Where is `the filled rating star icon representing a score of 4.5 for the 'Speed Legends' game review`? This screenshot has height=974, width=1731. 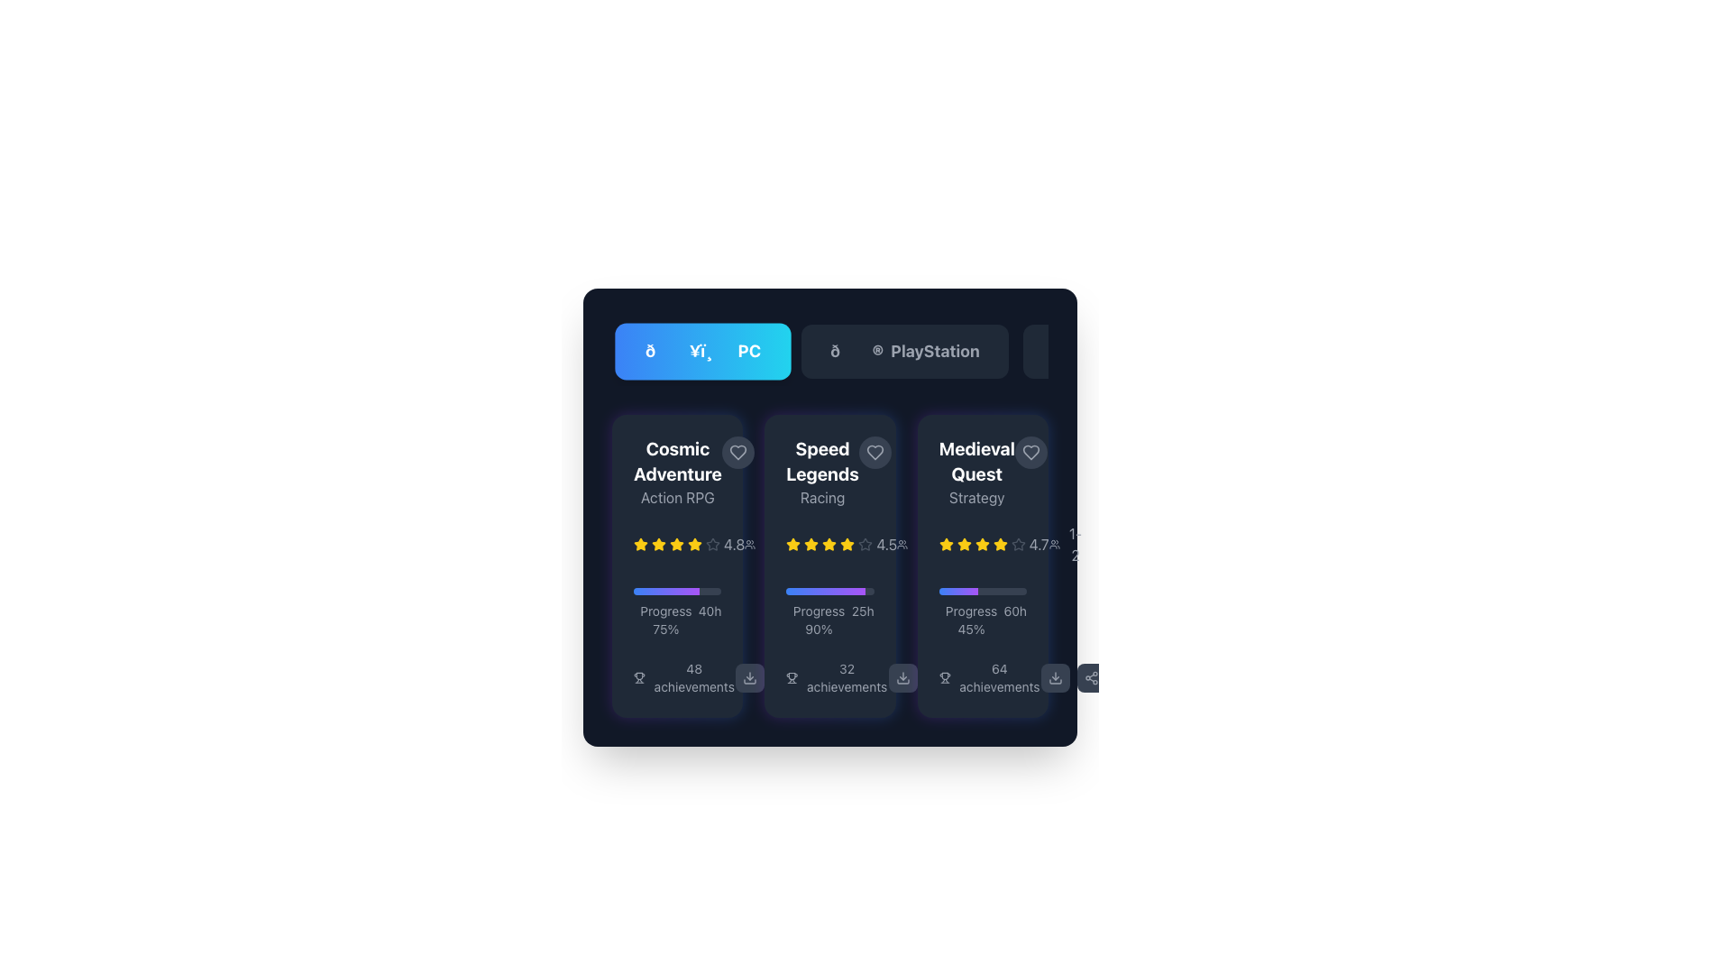 the filled rating star icon representing a score of 4.5 for the 'Speed Legends' game review is located at coordinates (829, 544).